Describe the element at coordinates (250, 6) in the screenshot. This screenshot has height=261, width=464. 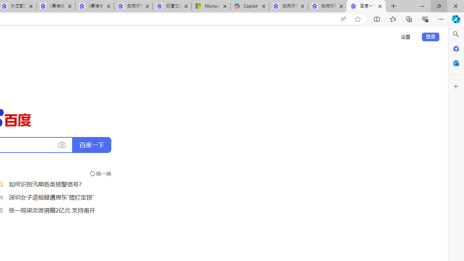
I see `'Copilot'` at that location.